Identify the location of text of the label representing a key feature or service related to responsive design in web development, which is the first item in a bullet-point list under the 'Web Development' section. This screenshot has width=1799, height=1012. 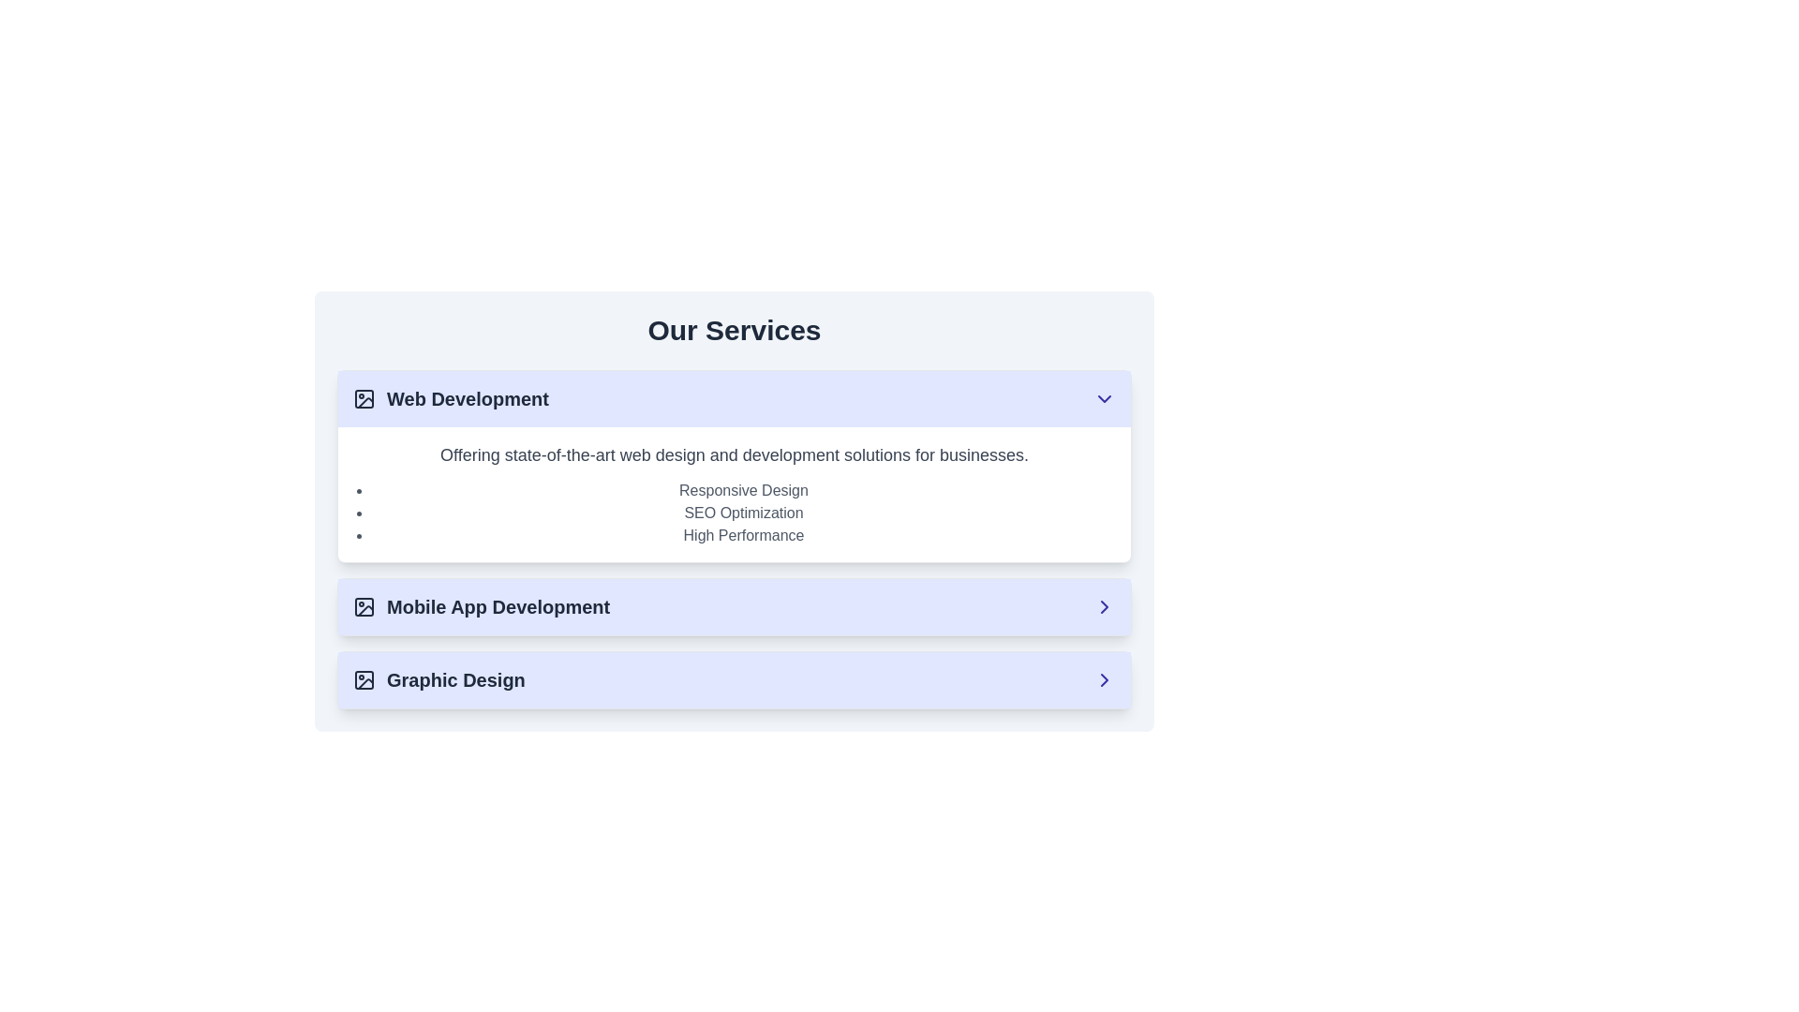
(742, 490).